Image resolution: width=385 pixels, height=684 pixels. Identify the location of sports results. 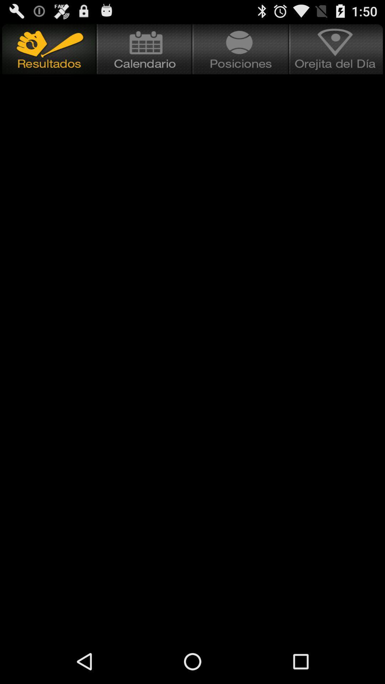
(48, 49).